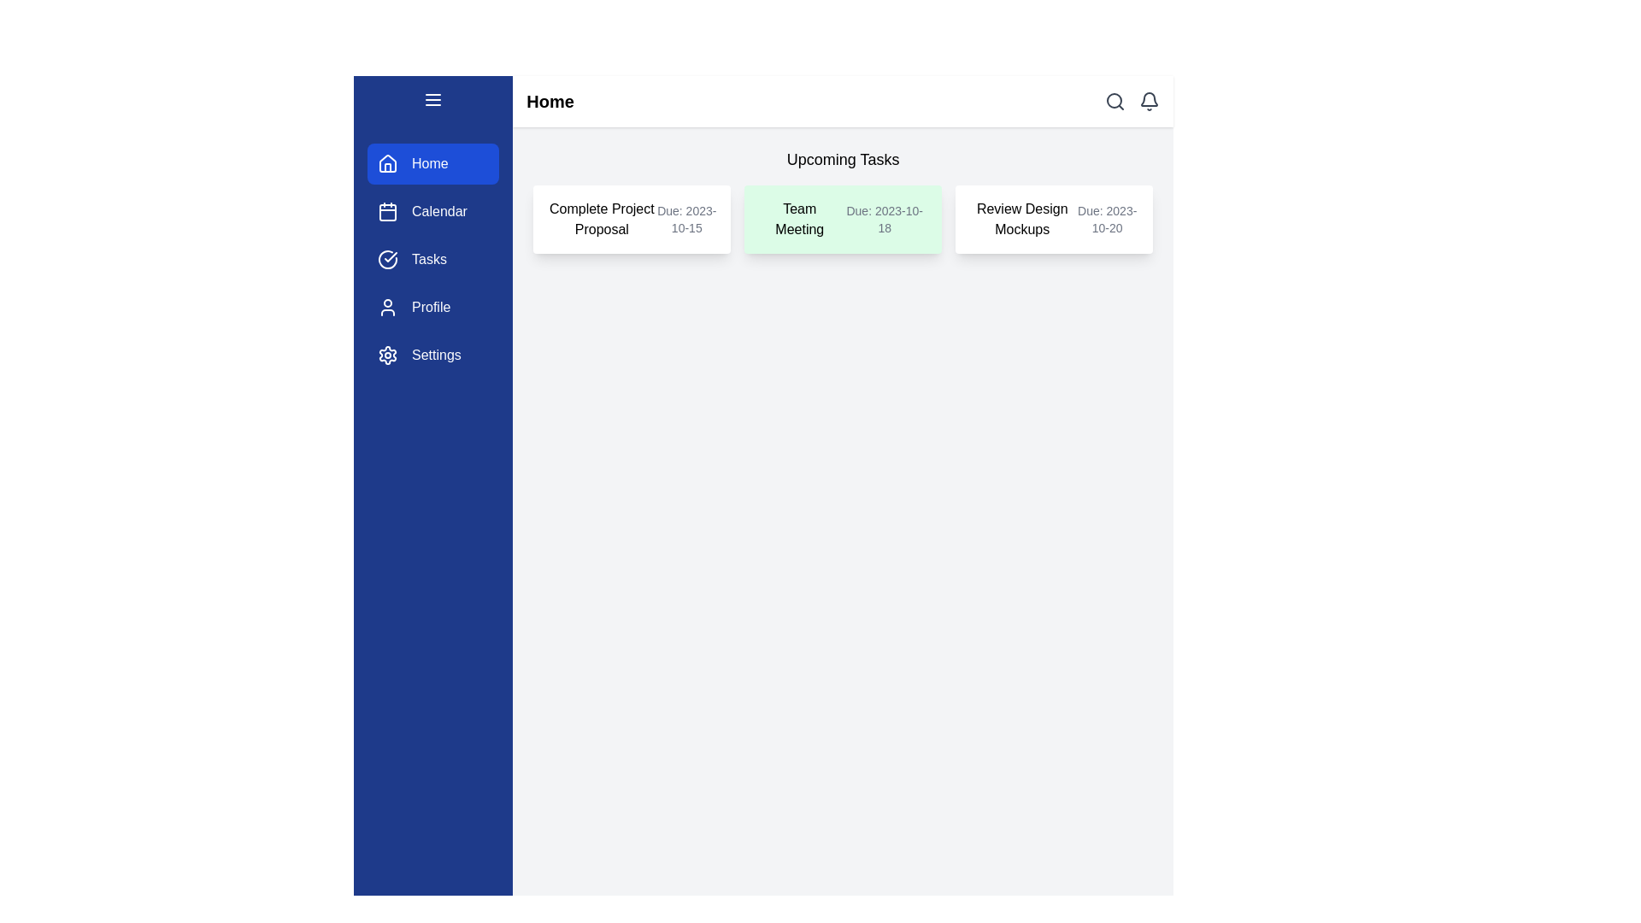 The image size is (1641, 923). I want to click on the 'Team Meeting' task card in the task management layout, so click(843, 219).